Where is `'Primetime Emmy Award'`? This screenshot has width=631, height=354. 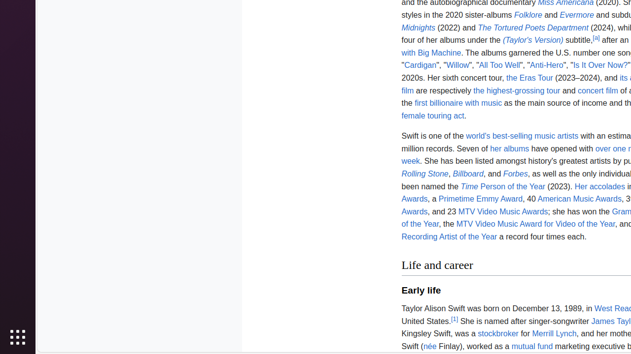
'Primetime Emmy Award' is located at coordinates (480, 199).